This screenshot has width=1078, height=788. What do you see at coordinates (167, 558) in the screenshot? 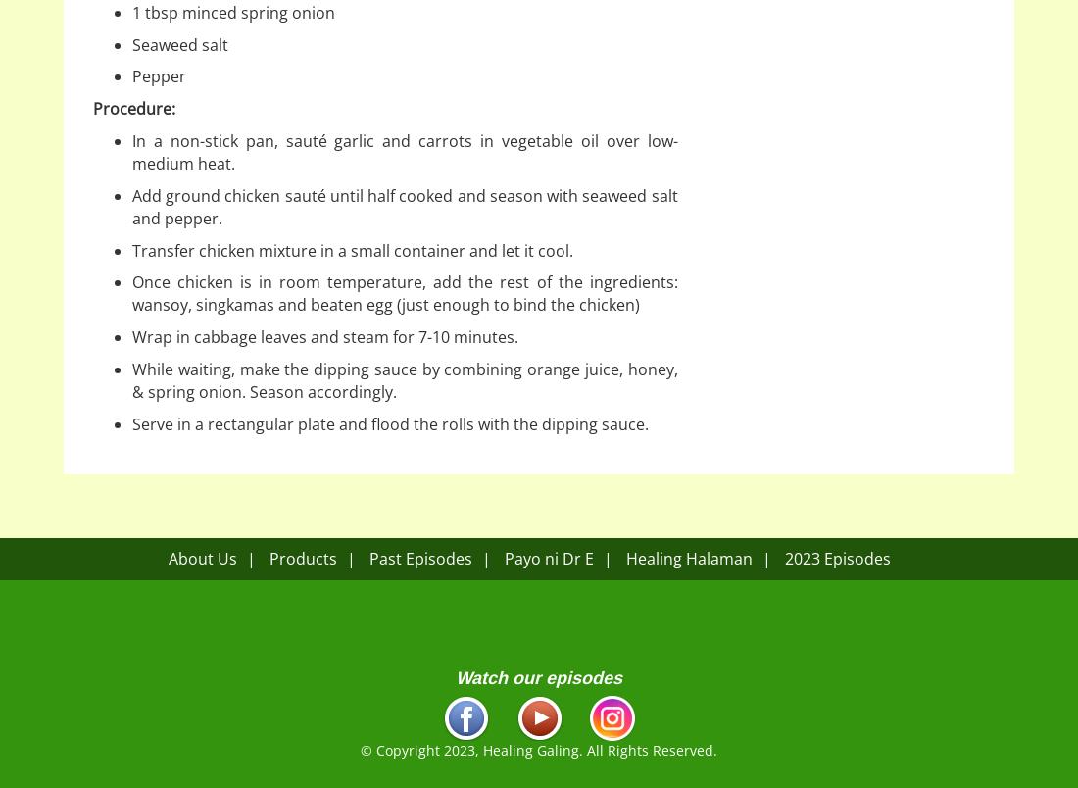
I see `'About Us'` at bounding box center [167, 558].